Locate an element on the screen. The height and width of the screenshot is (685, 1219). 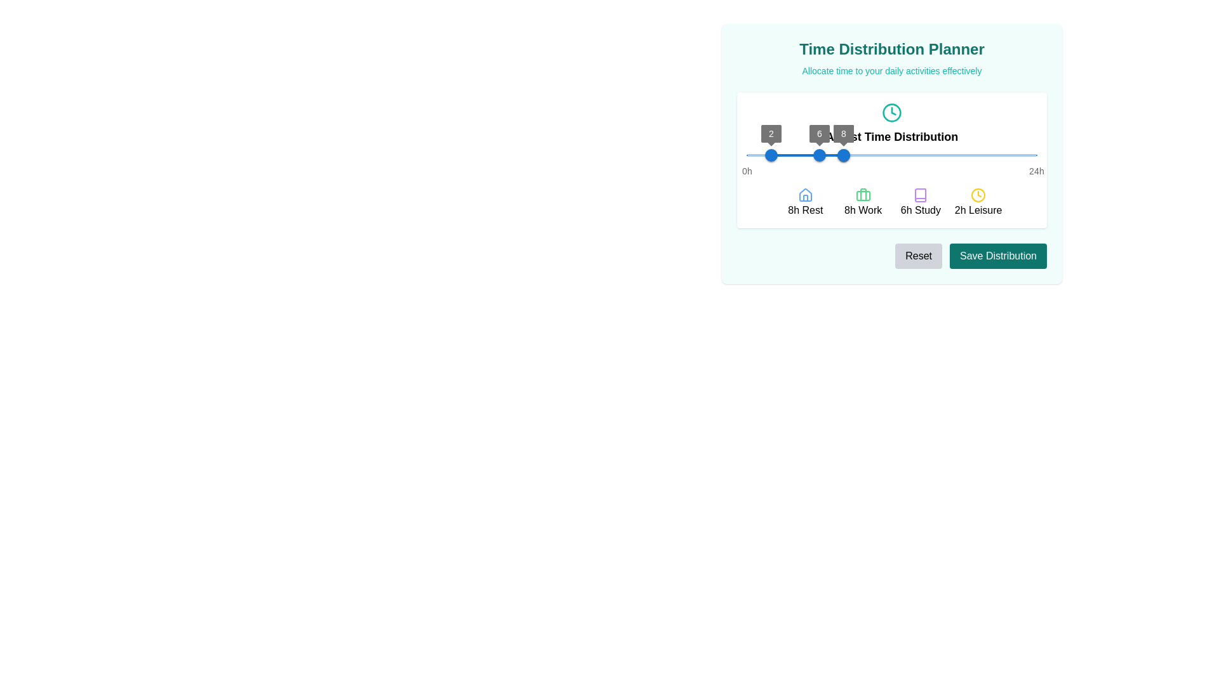
the static text label that serves as a header, positioned centrally below a clock icon in the time distribution planner interface is located at coordinates (891, 137).